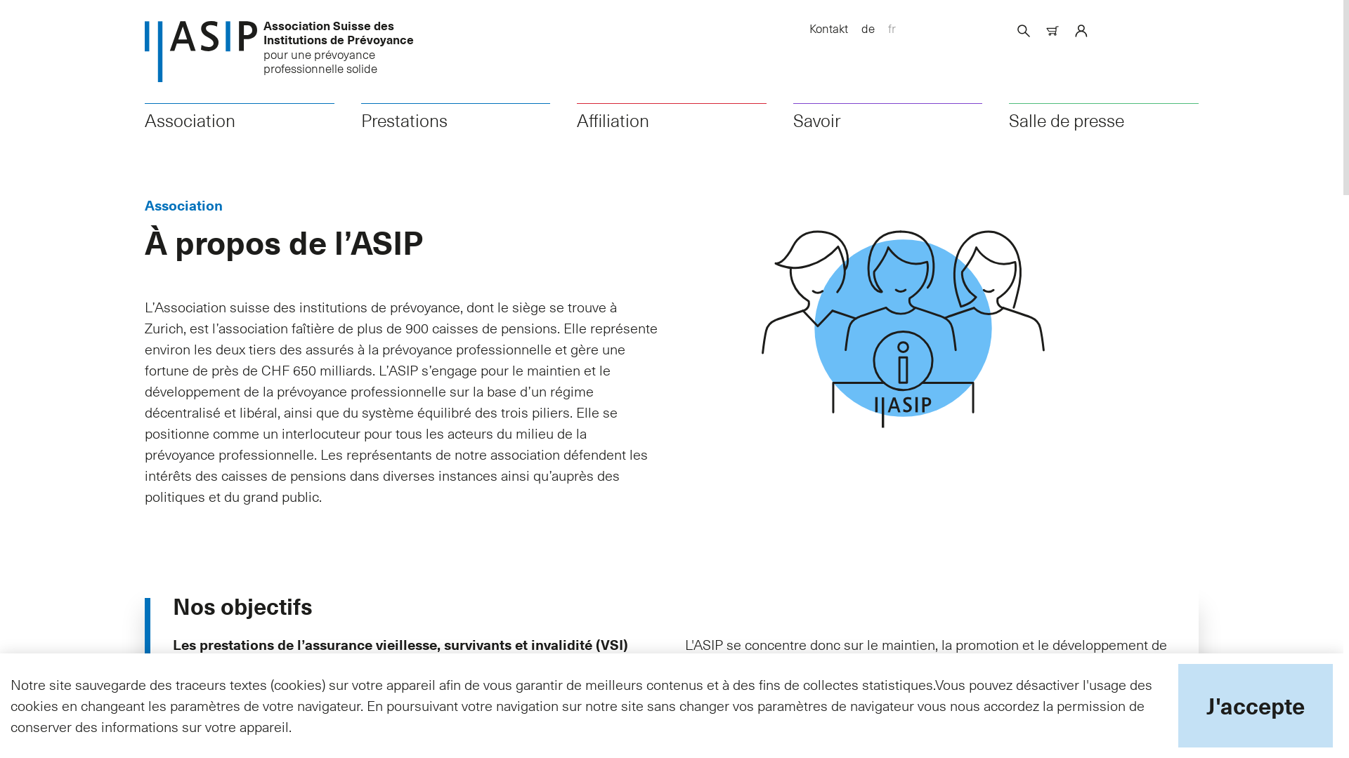 The width and height of the screenshot is (1349, 758). Describe the element at coordinates (828, 27) in the screenshot. I see `'Kontakt'` at that location.